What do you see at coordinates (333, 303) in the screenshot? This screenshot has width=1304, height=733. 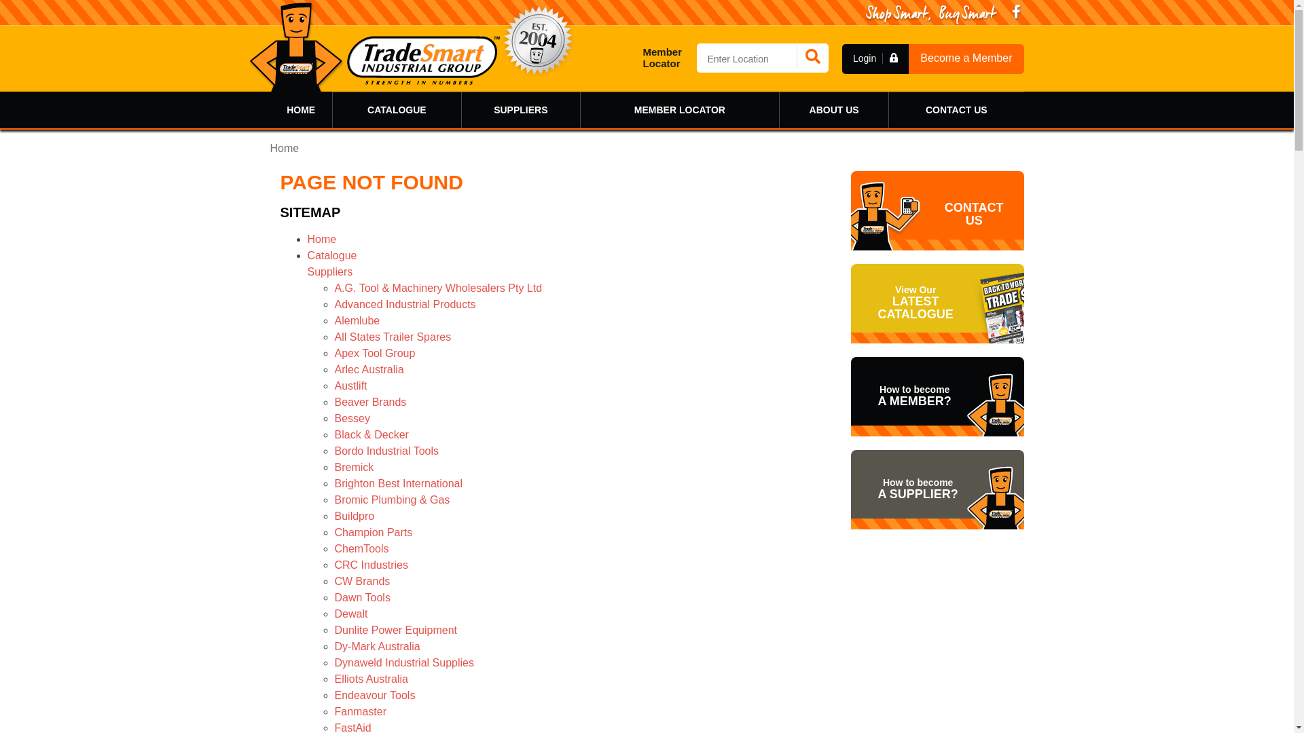 I see `'Advanced Industrial Products'` at bounding box center [333, 303].